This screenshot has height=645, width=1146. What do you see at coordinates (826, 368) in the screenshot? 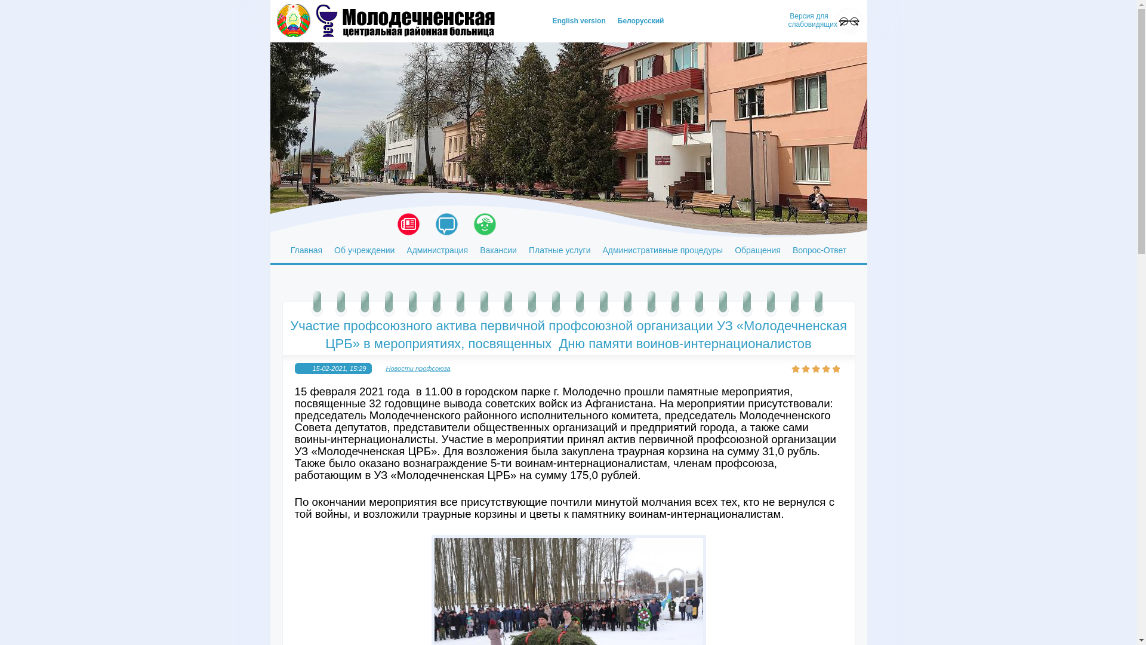
I see `'4'` at bounding box center [826, 368].